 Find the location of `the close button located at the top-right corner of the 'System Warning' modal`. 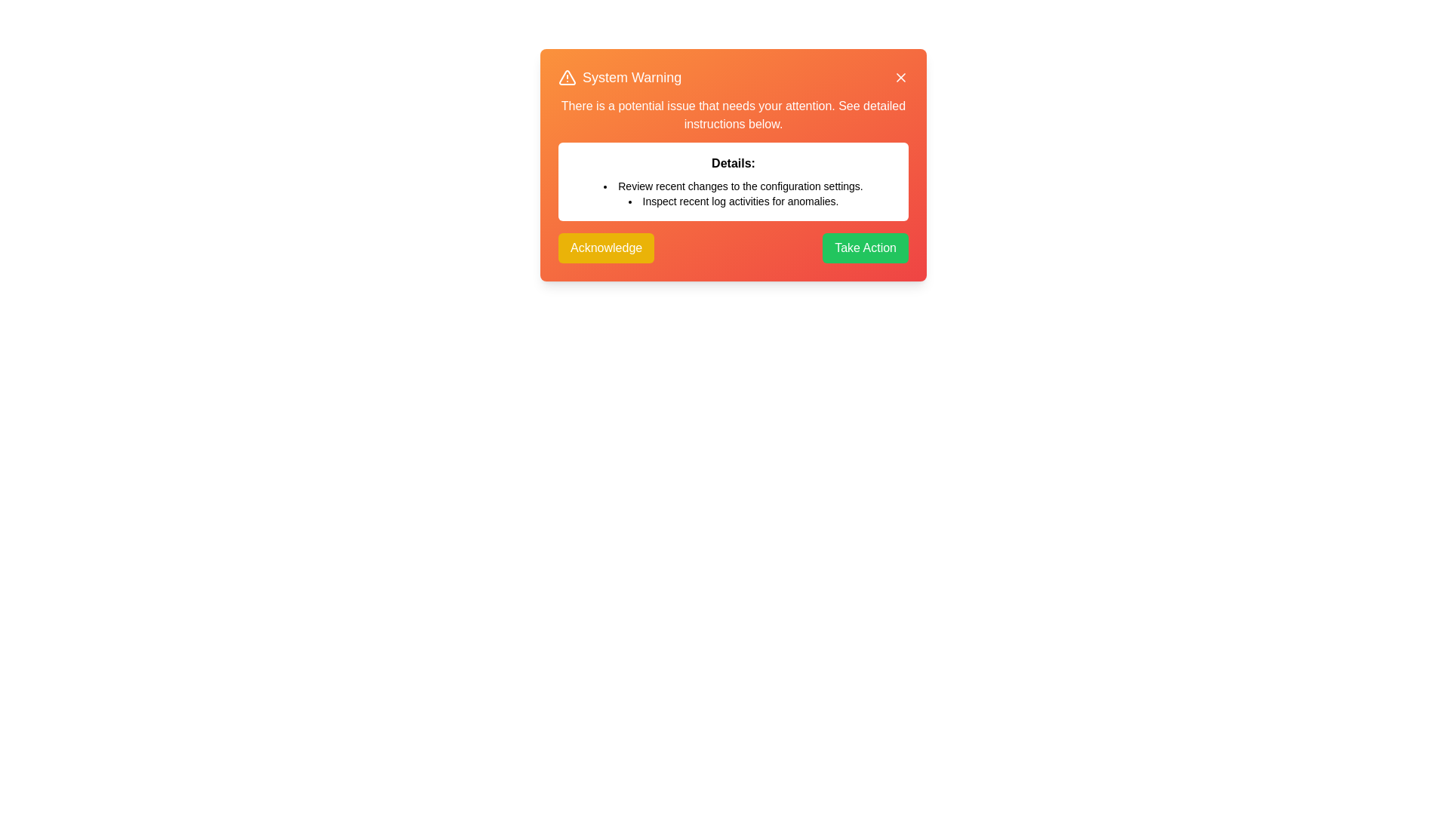

the close button located at the top-right corner of the 'System Warning' modal is located at coordinates (901, 78).